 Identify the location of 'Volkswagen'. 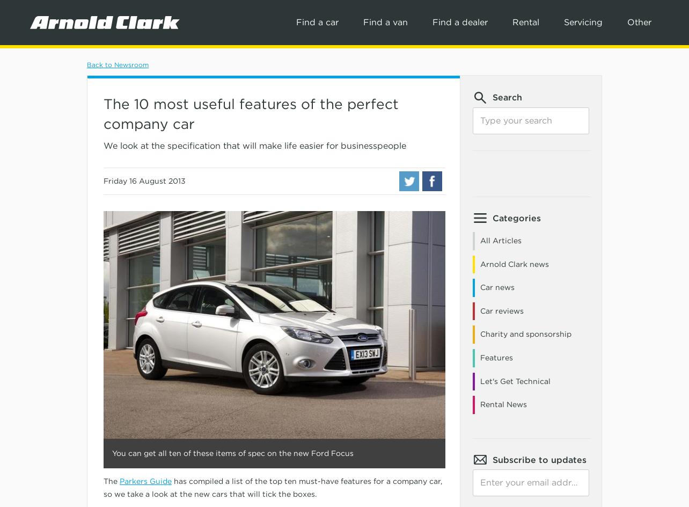
(404, 208).